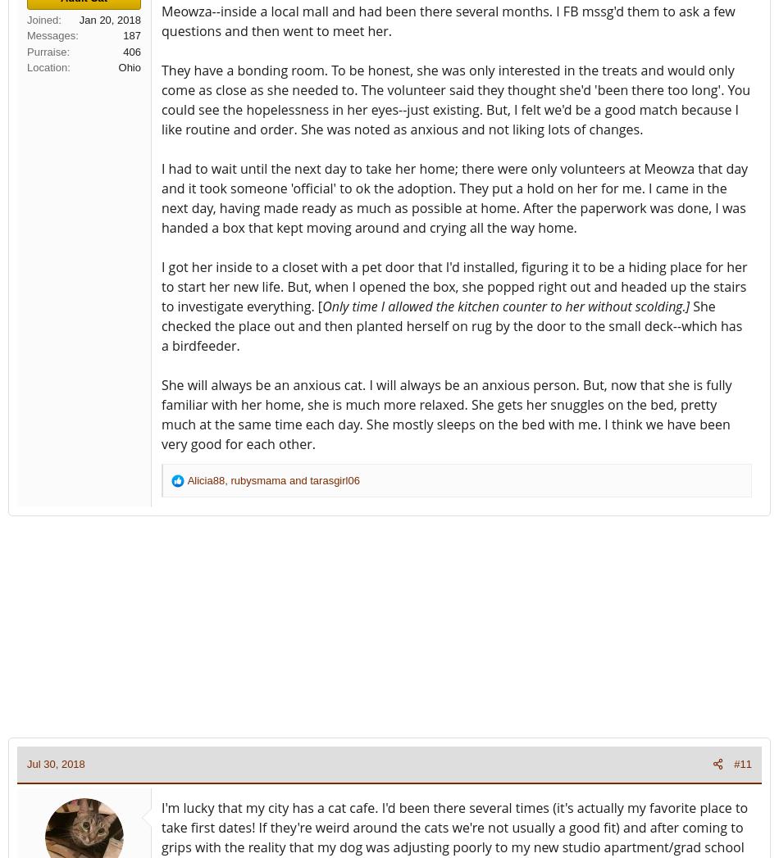 This screenshot has height=858, width=779. Describe the element at coordinates (162, 325) in the screenshot. I see `'She checked the place out and then planted herself on rug by the door to the small deck--which has a birdfeeder.'` at that location.